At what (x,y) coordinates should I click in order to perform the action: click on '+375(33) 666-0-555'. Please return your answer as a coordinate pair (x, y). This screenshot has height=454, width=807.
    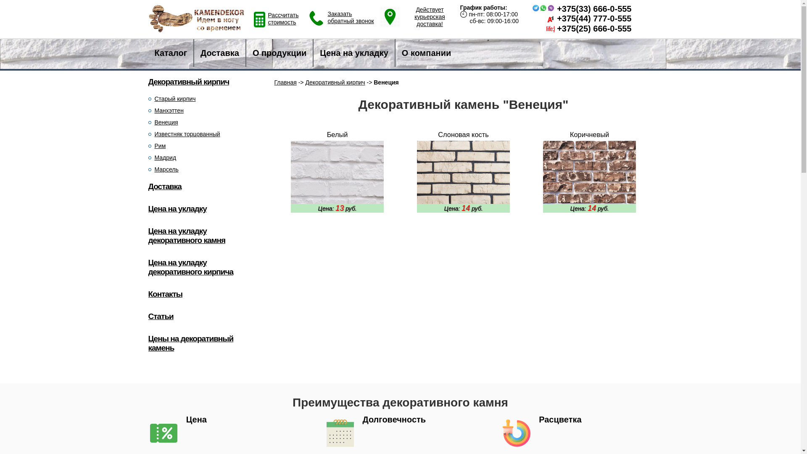
    Looking at the image, I should click on (593, 8).